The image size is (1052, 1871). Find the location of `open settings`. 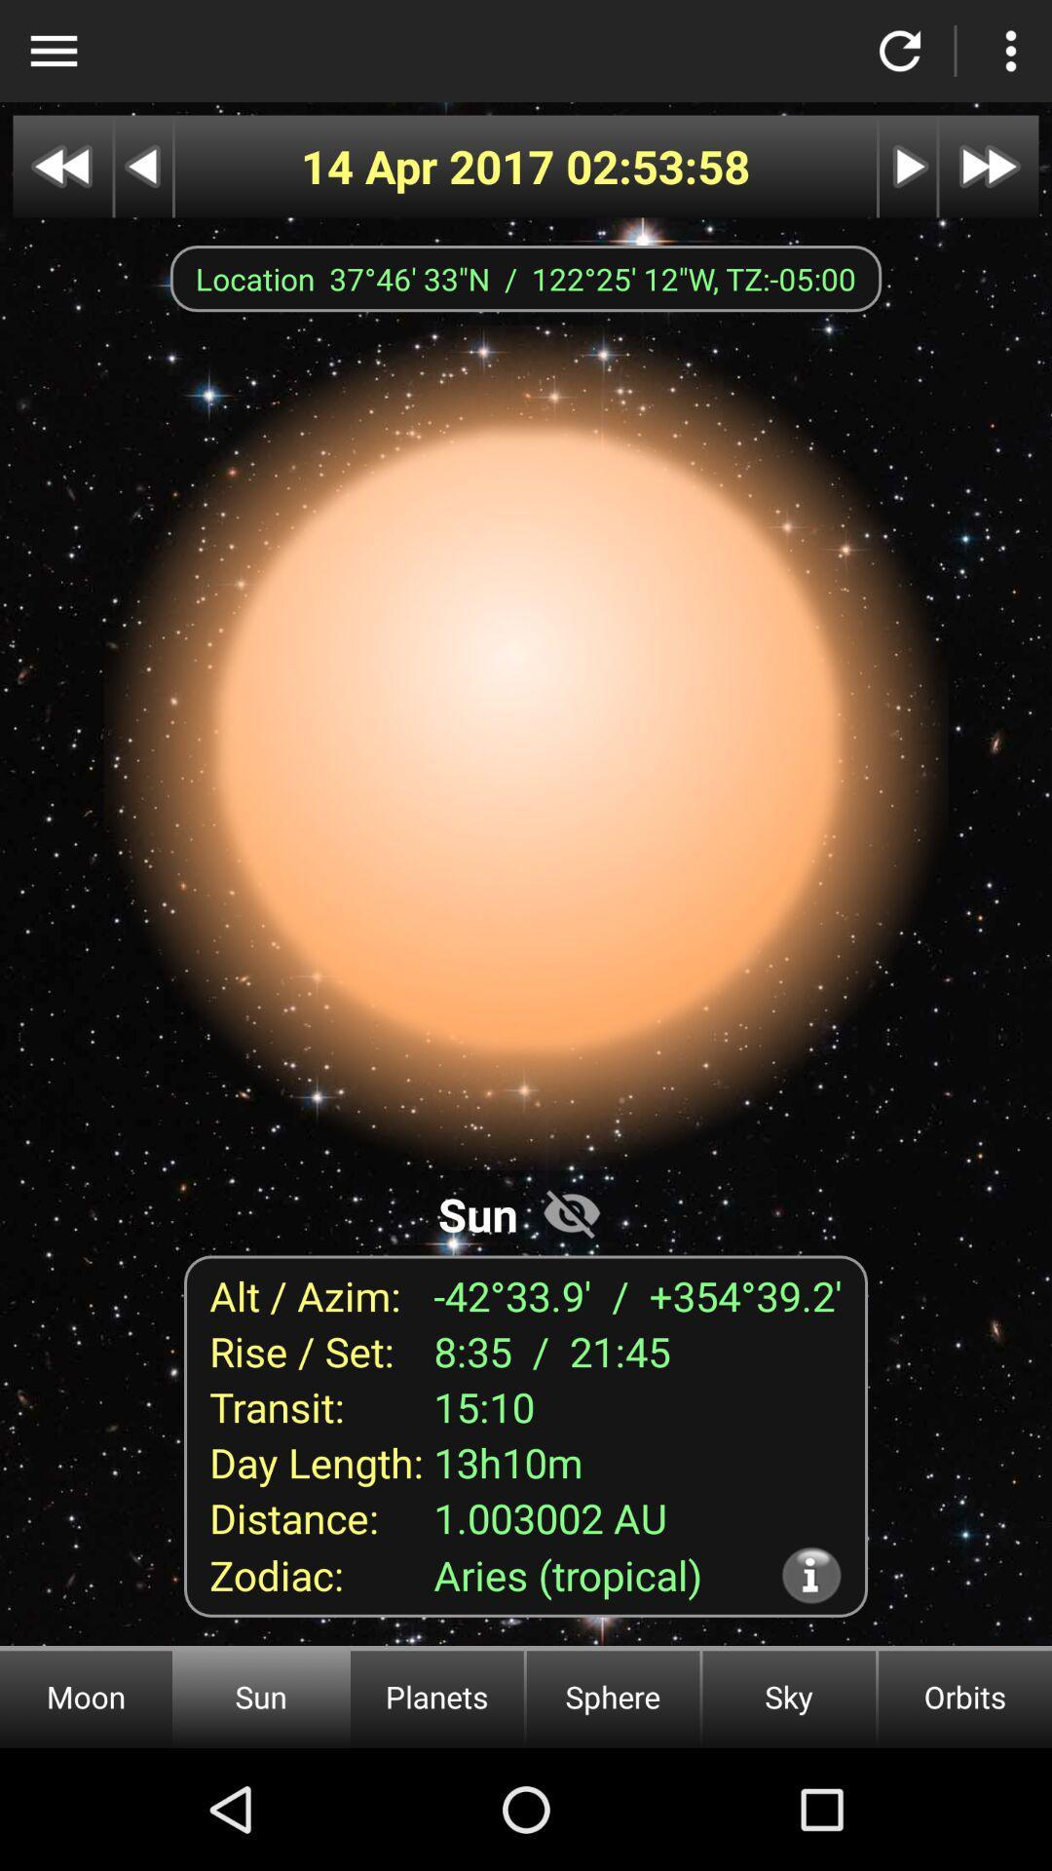

open settings is located at coordinates (1009, 51).